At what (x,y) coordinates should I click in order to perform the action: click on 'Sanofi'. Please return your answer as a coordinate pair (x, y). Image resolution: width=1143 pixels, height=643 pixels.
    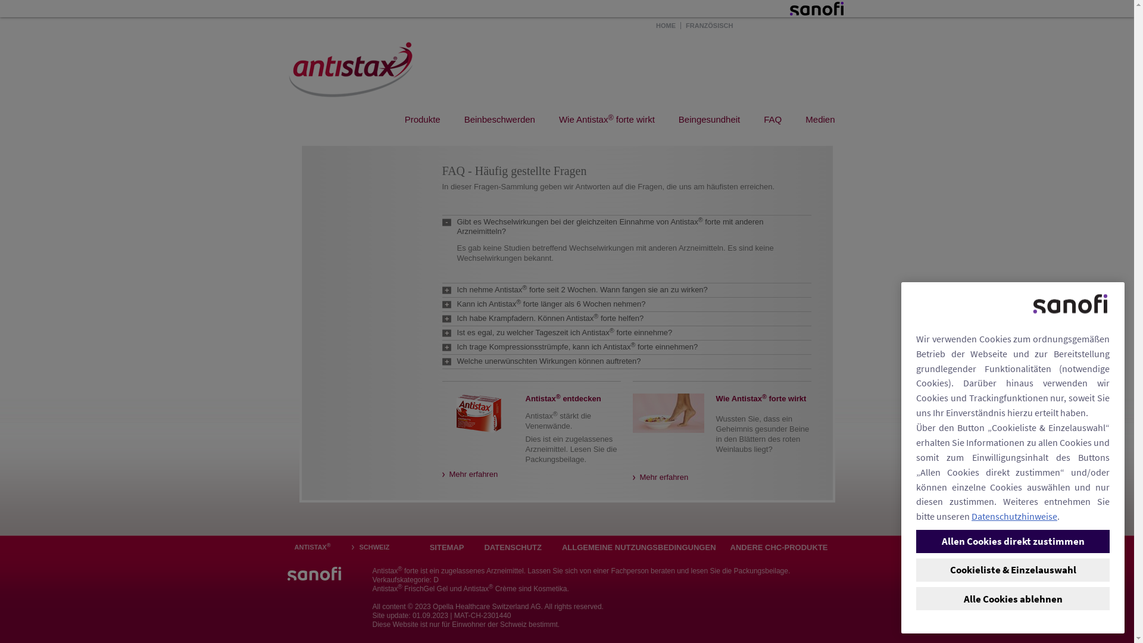
    Looking at the image, I should click on (816, 8).